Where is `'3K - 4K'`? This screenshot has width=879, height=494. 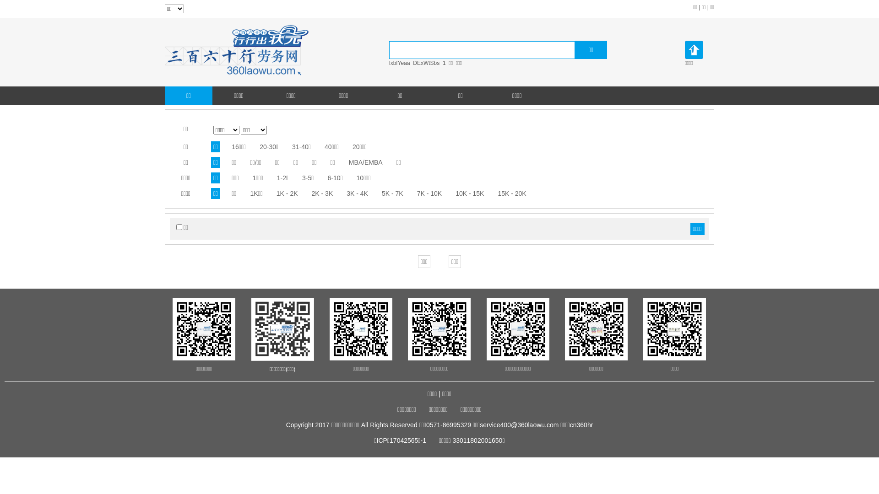
'3K - 4K' is located at coordinates (357, 193).